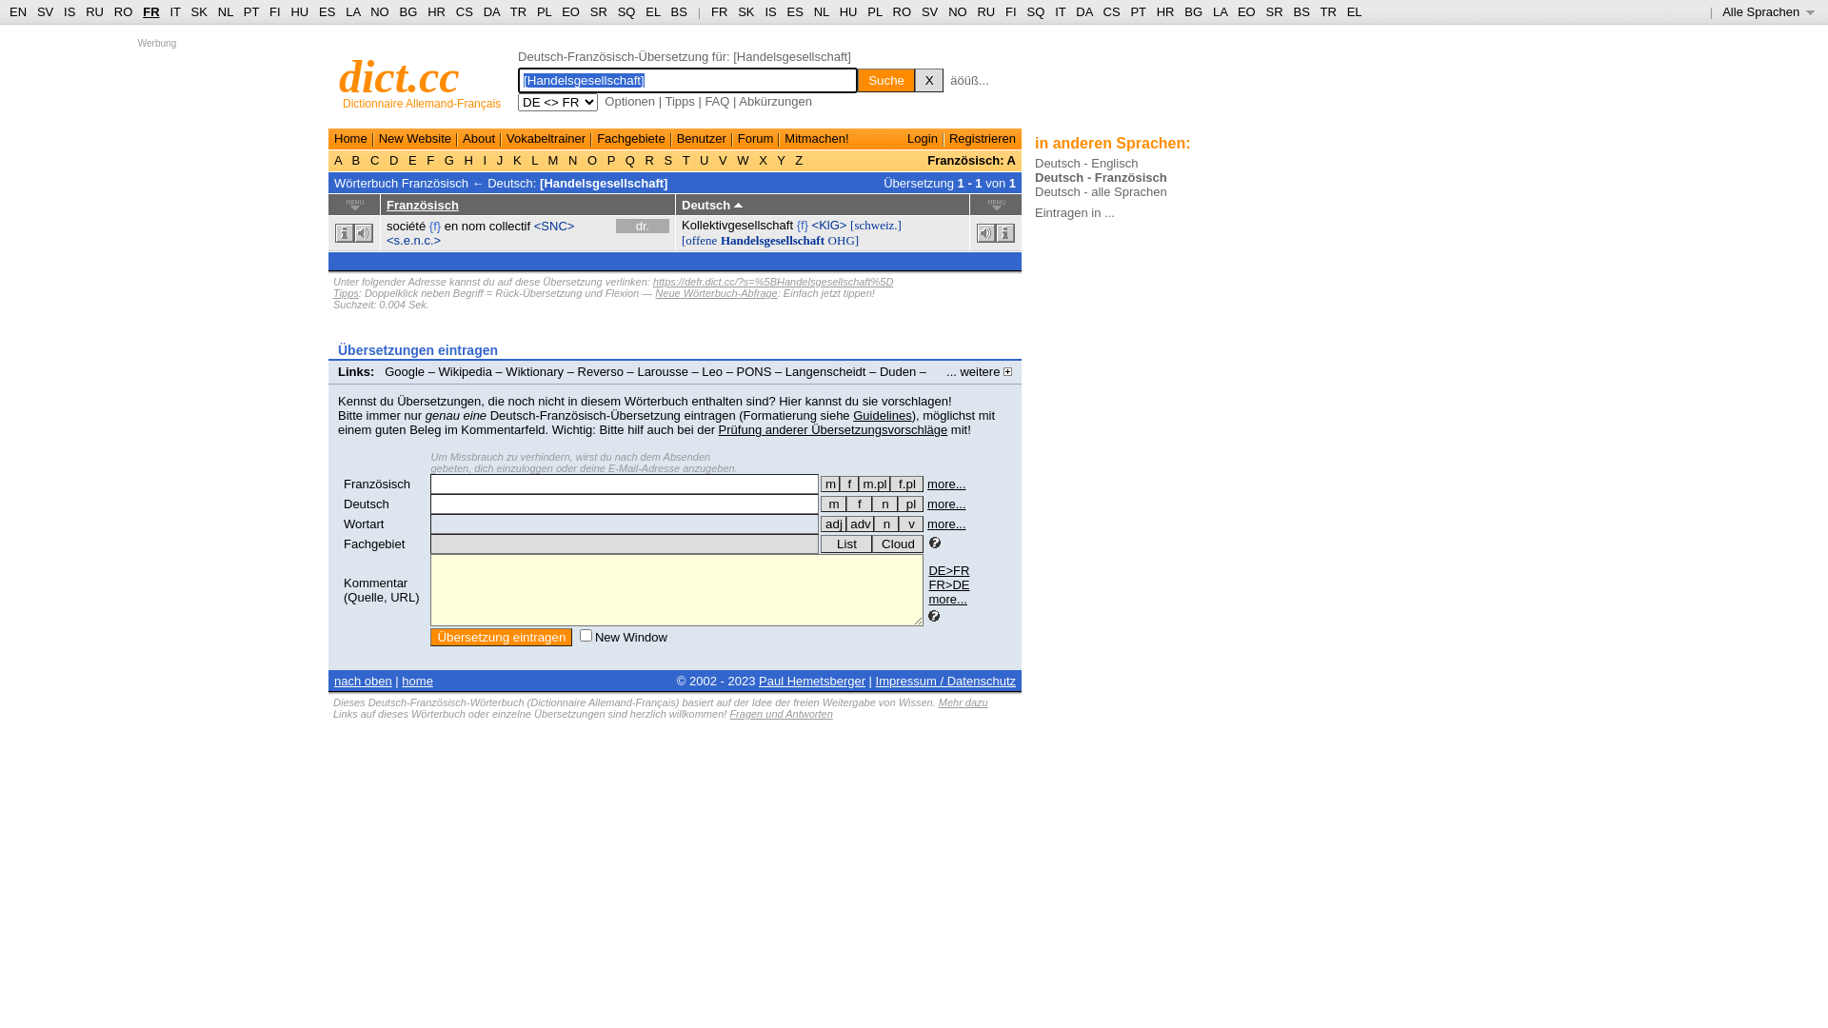 The image size is (1828, 1028). Describe the element at coordinates (597, 11) in the screenshot. I see `'SR'` at that location.